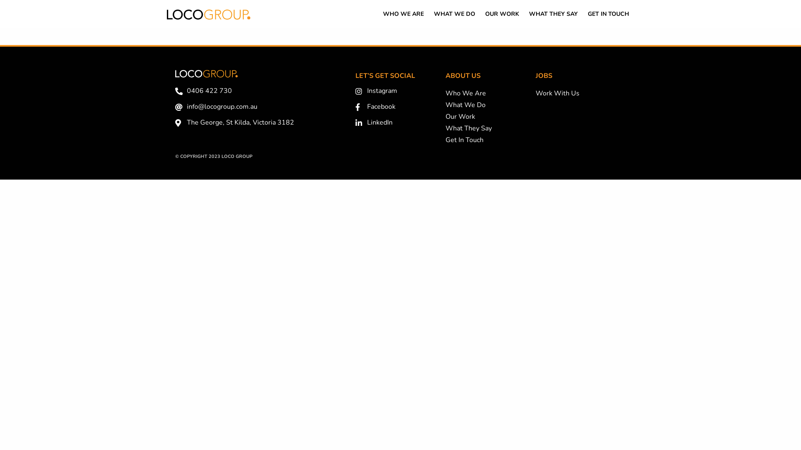 The width and height of the screenshot is (801, 450). I want to click on 'GET IN TOUCH', so click(608, 14).